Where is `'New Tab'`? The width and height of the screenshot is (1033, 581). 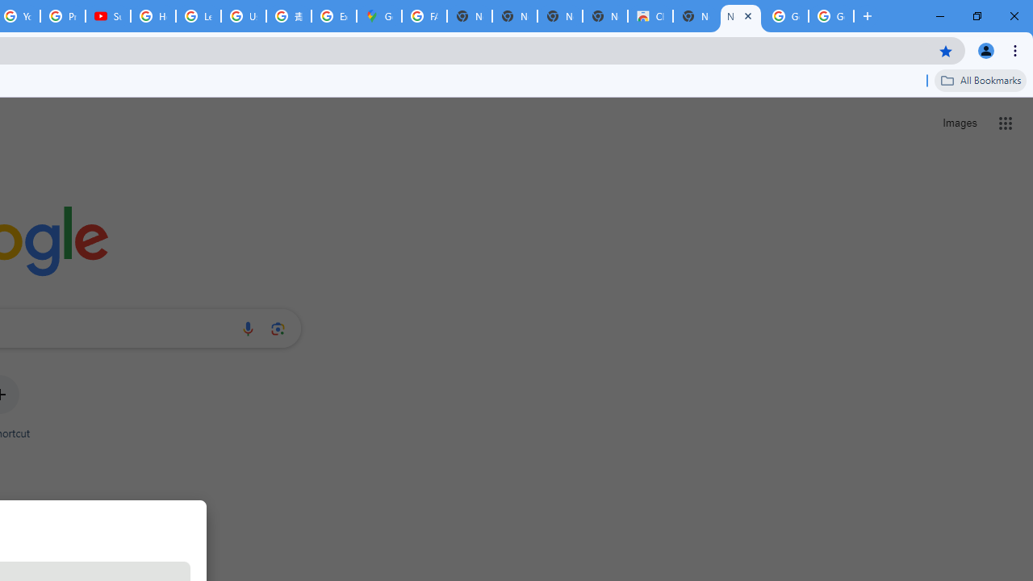 'New Tab' is located at coordinates (739, 16).